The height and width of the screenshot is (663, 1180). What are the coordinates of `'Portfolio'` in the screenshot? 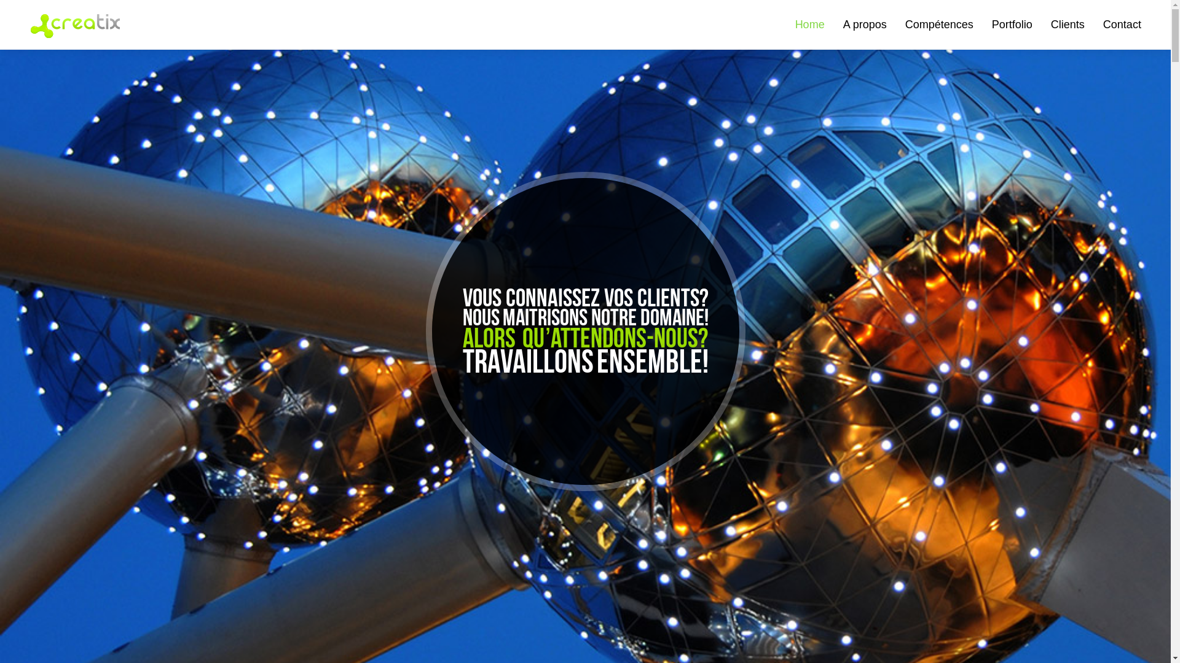 It's located at (1012, 24).